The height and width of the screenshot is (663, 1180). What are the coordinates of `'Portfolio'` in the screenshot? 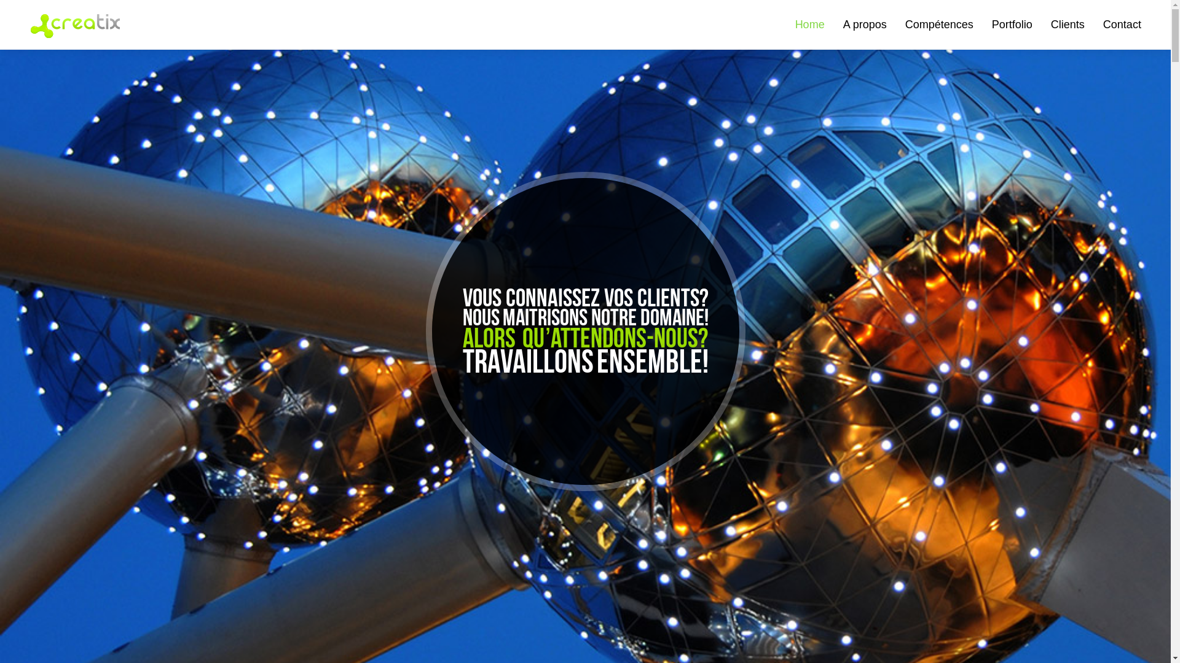 It's located at (1012, 24).